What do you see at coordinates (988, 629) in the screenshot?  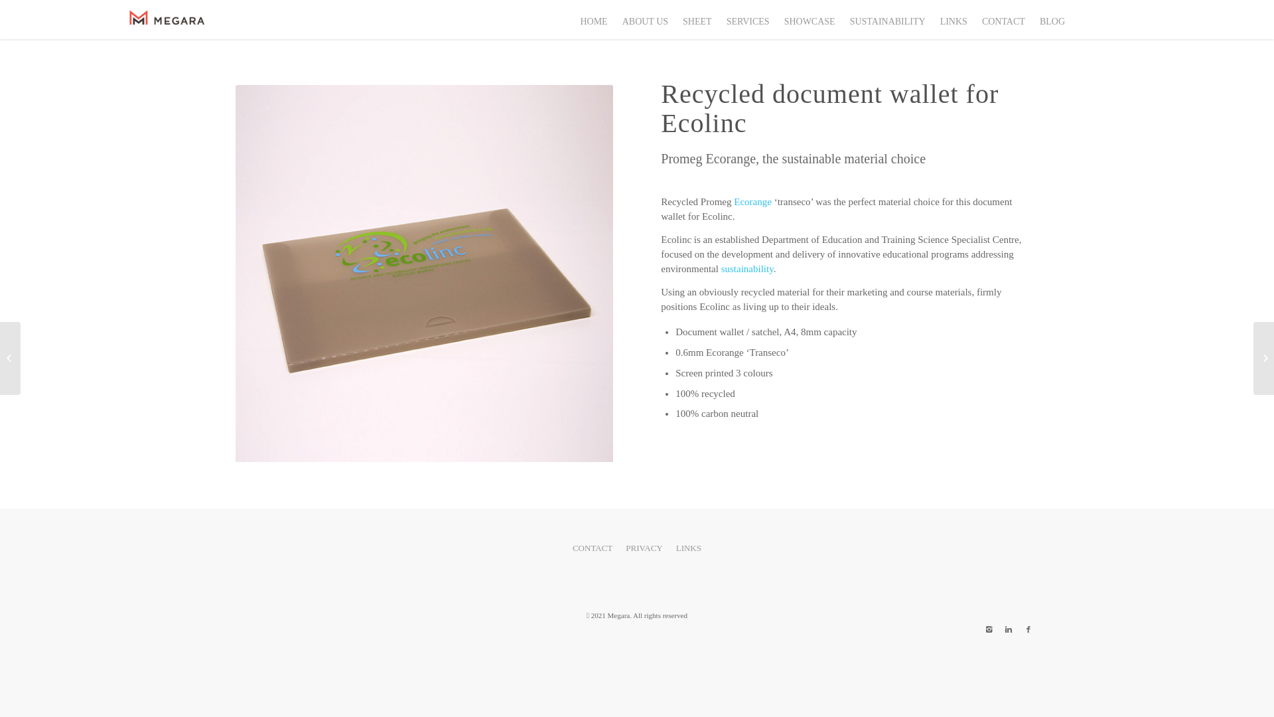 I see `'Instagram'` at bounding box center [988, 629].